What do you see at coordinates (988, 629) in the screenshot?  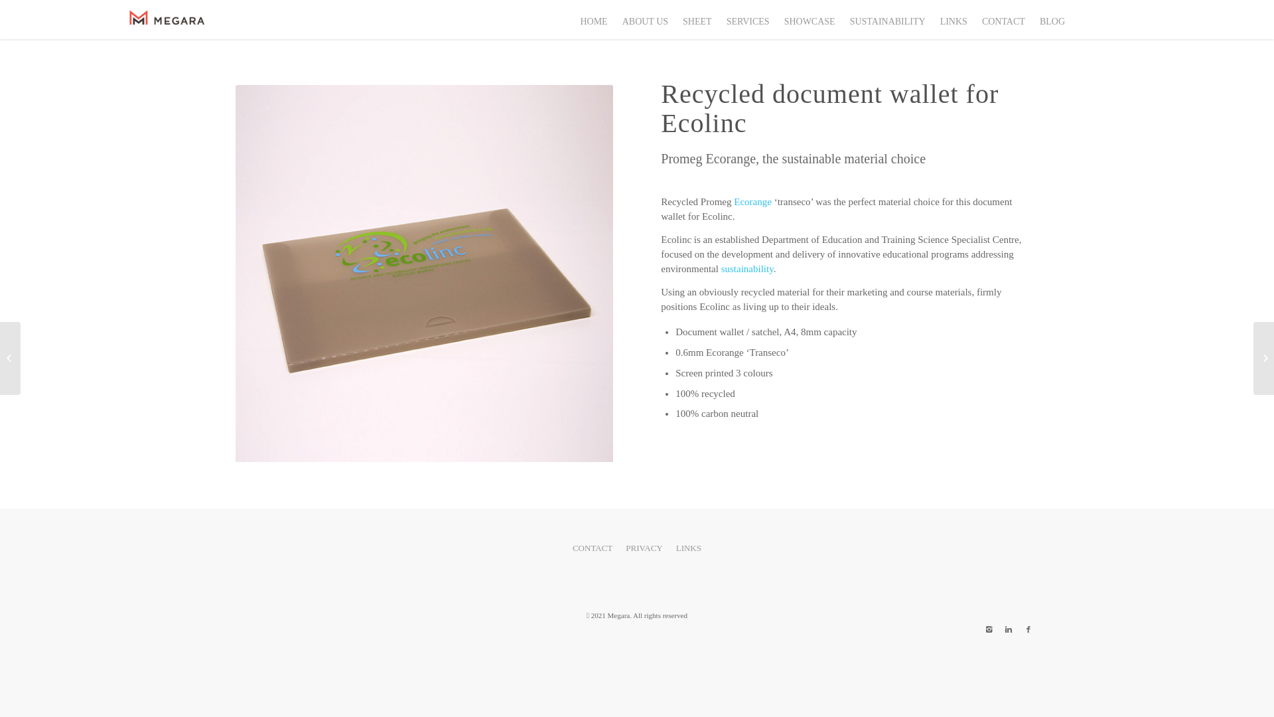 I see `'Instagram'` at bounding box center [988, 629].